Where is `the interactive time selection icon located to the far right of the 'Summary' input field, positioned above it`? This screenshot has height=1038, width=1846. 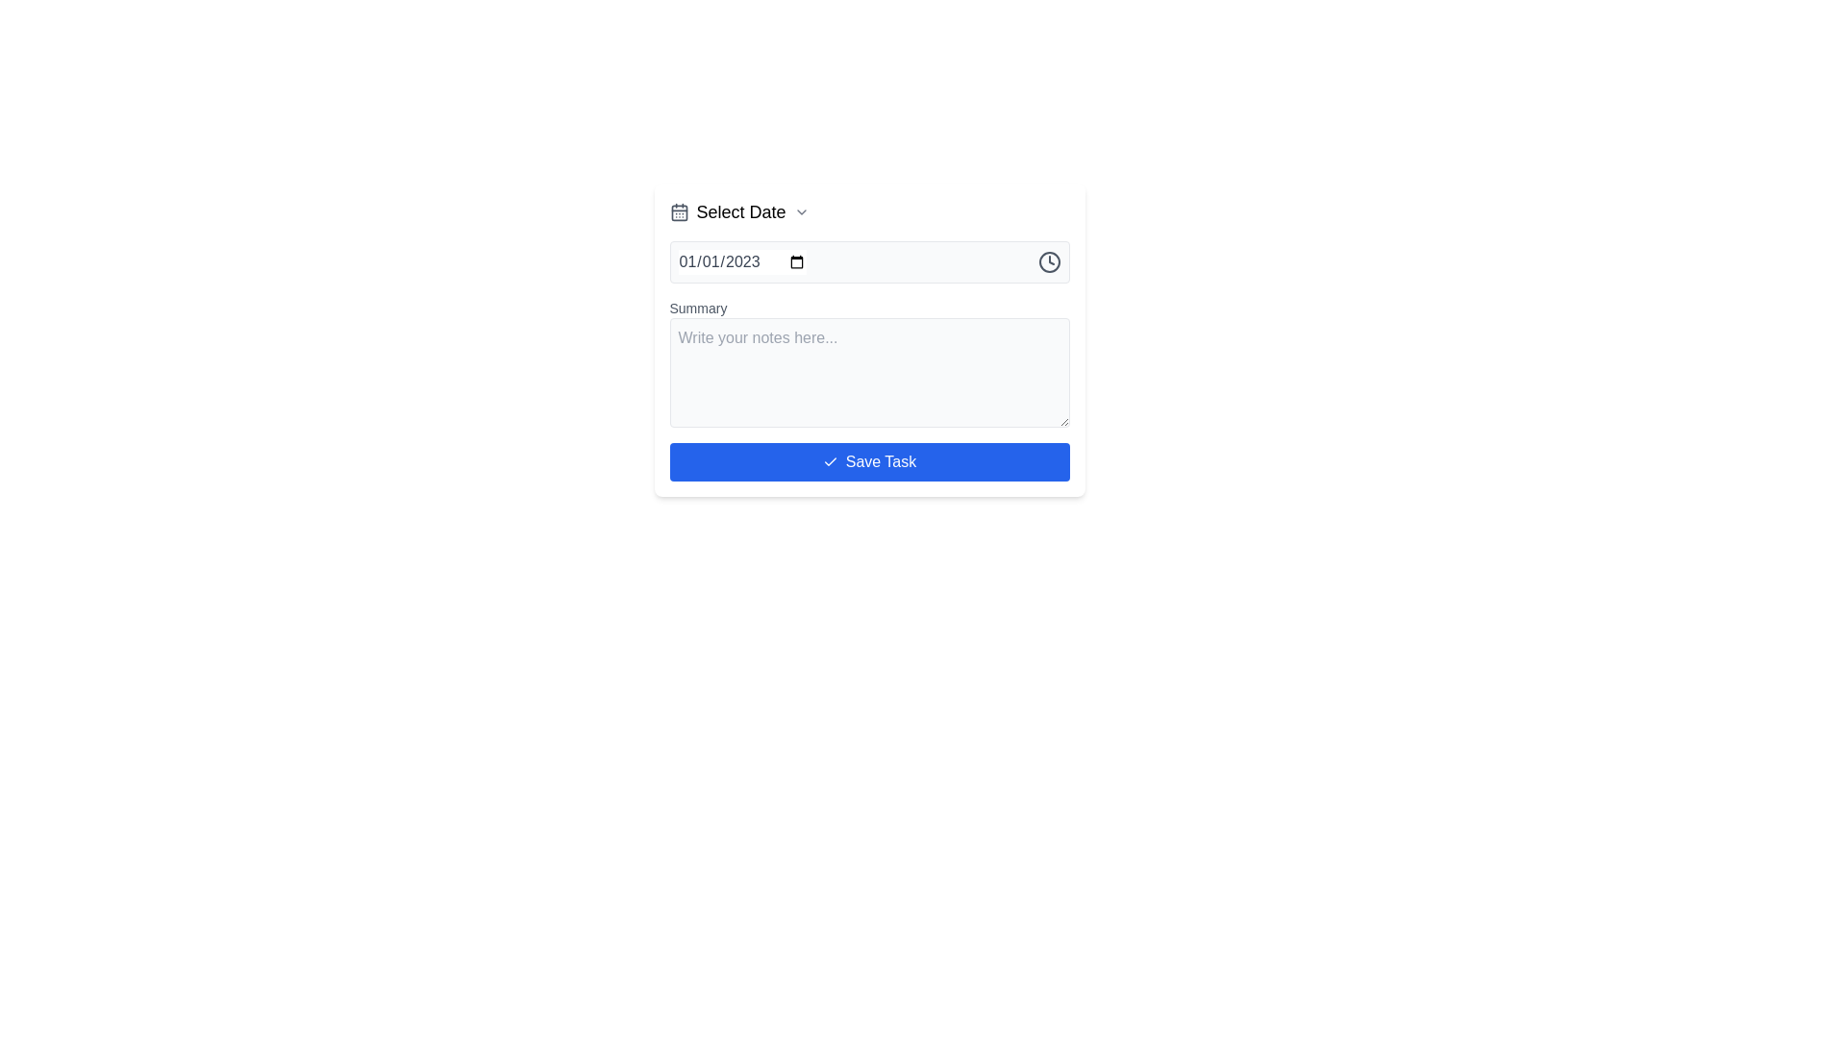
the interactive time selection icon located to the far right of the 'Summary' input field, positioned above it is located at coordinates (1048, 262).